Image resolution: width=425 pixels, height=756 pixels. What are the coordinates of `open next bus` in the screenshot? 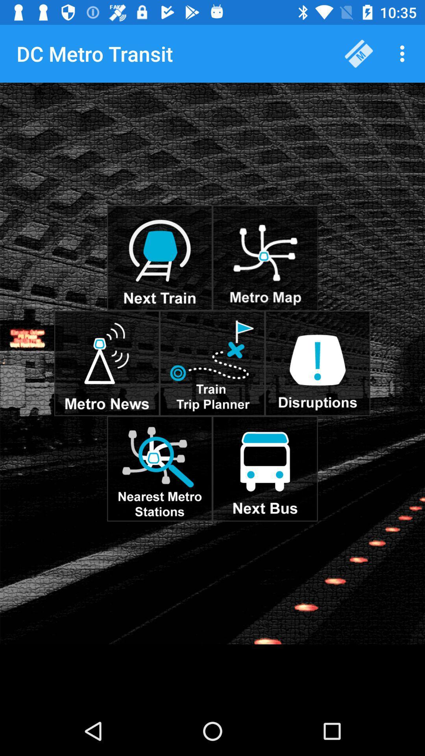 It's located at (265, 469).